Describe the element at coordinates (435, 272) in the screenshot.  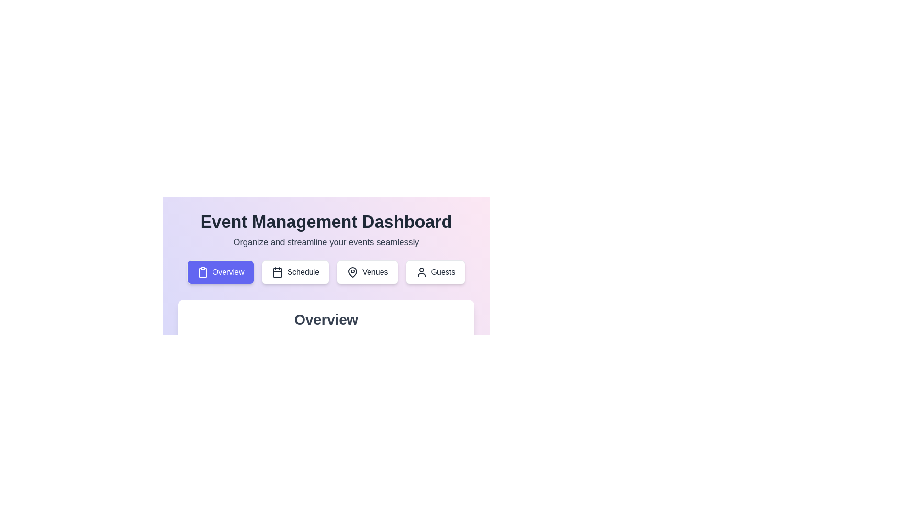
I see `the Guests tab by clicking on its button` at that location.